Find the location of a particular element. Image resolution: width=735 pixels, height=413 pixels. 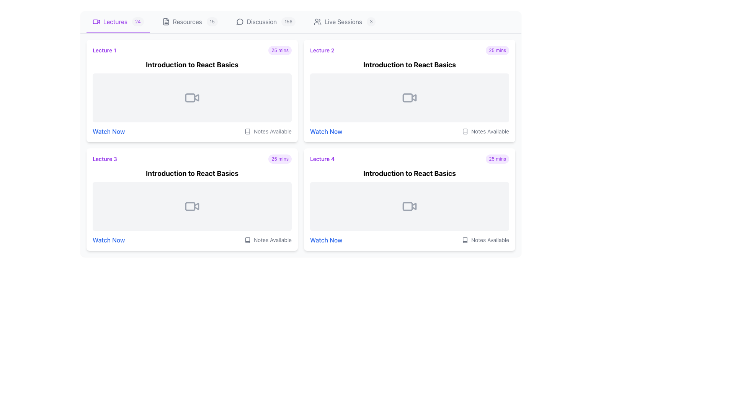

the 'Live Sessions' menu item, the fourth option in the horizontal navigation menu is located at coordinates (344, 21).